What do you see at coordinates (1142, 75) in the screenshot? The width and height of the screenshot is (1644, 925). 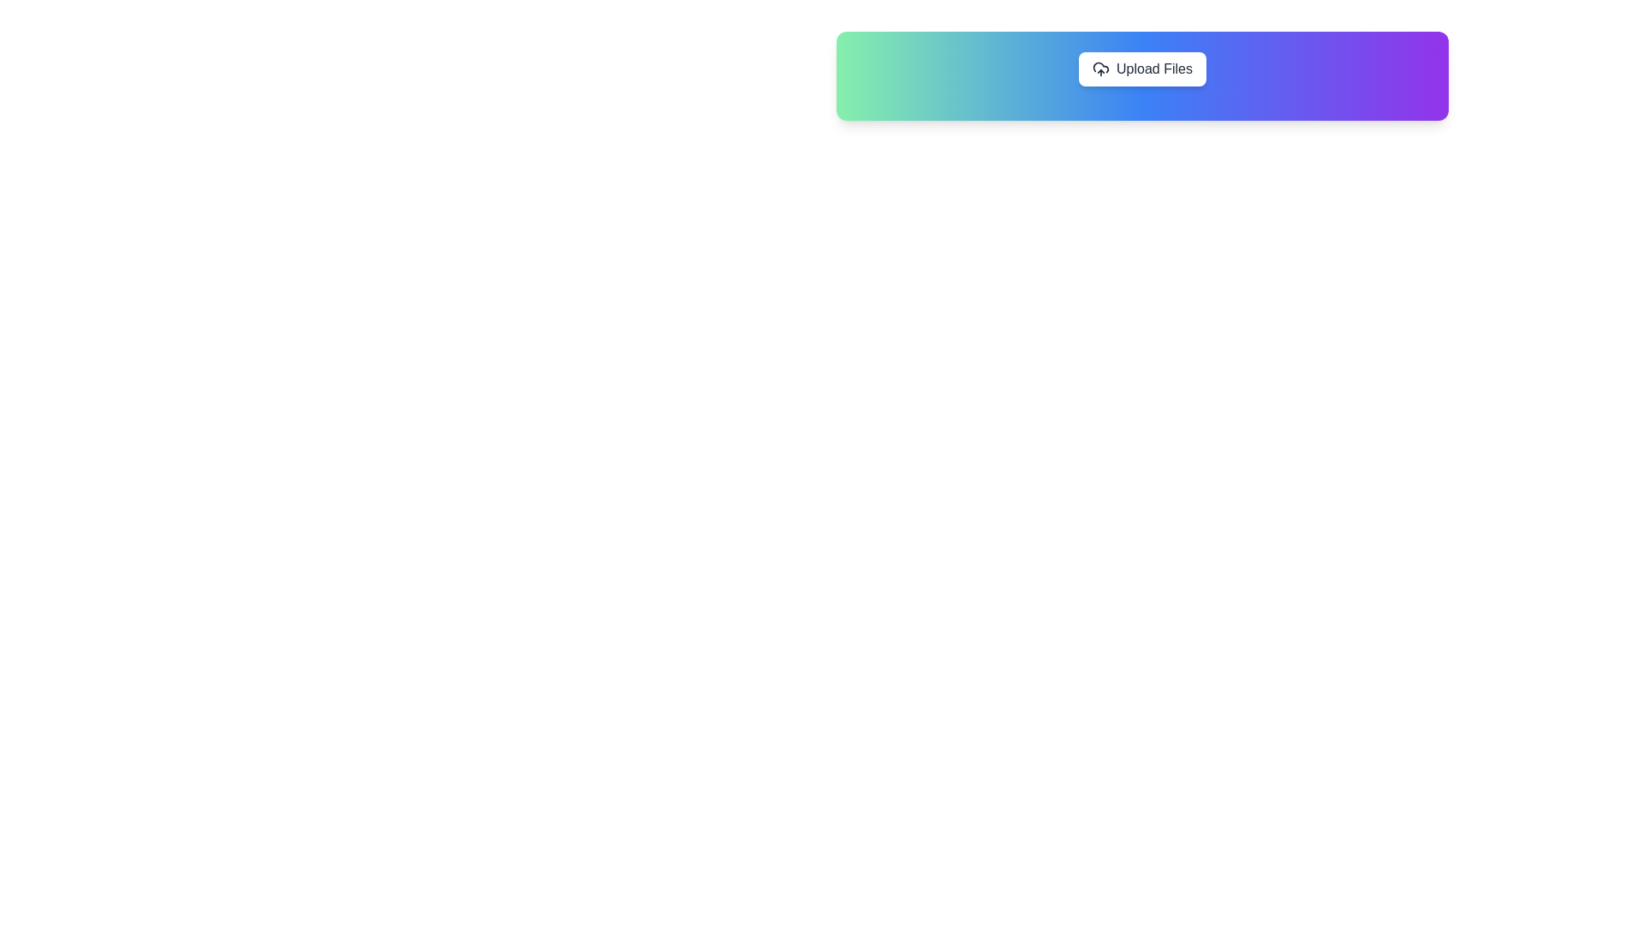 I see `files onto the 'Upload Files' button, which is a prominent interactive element with a gradient background and a cloud upload icon` at bounding box center [1142, 75].